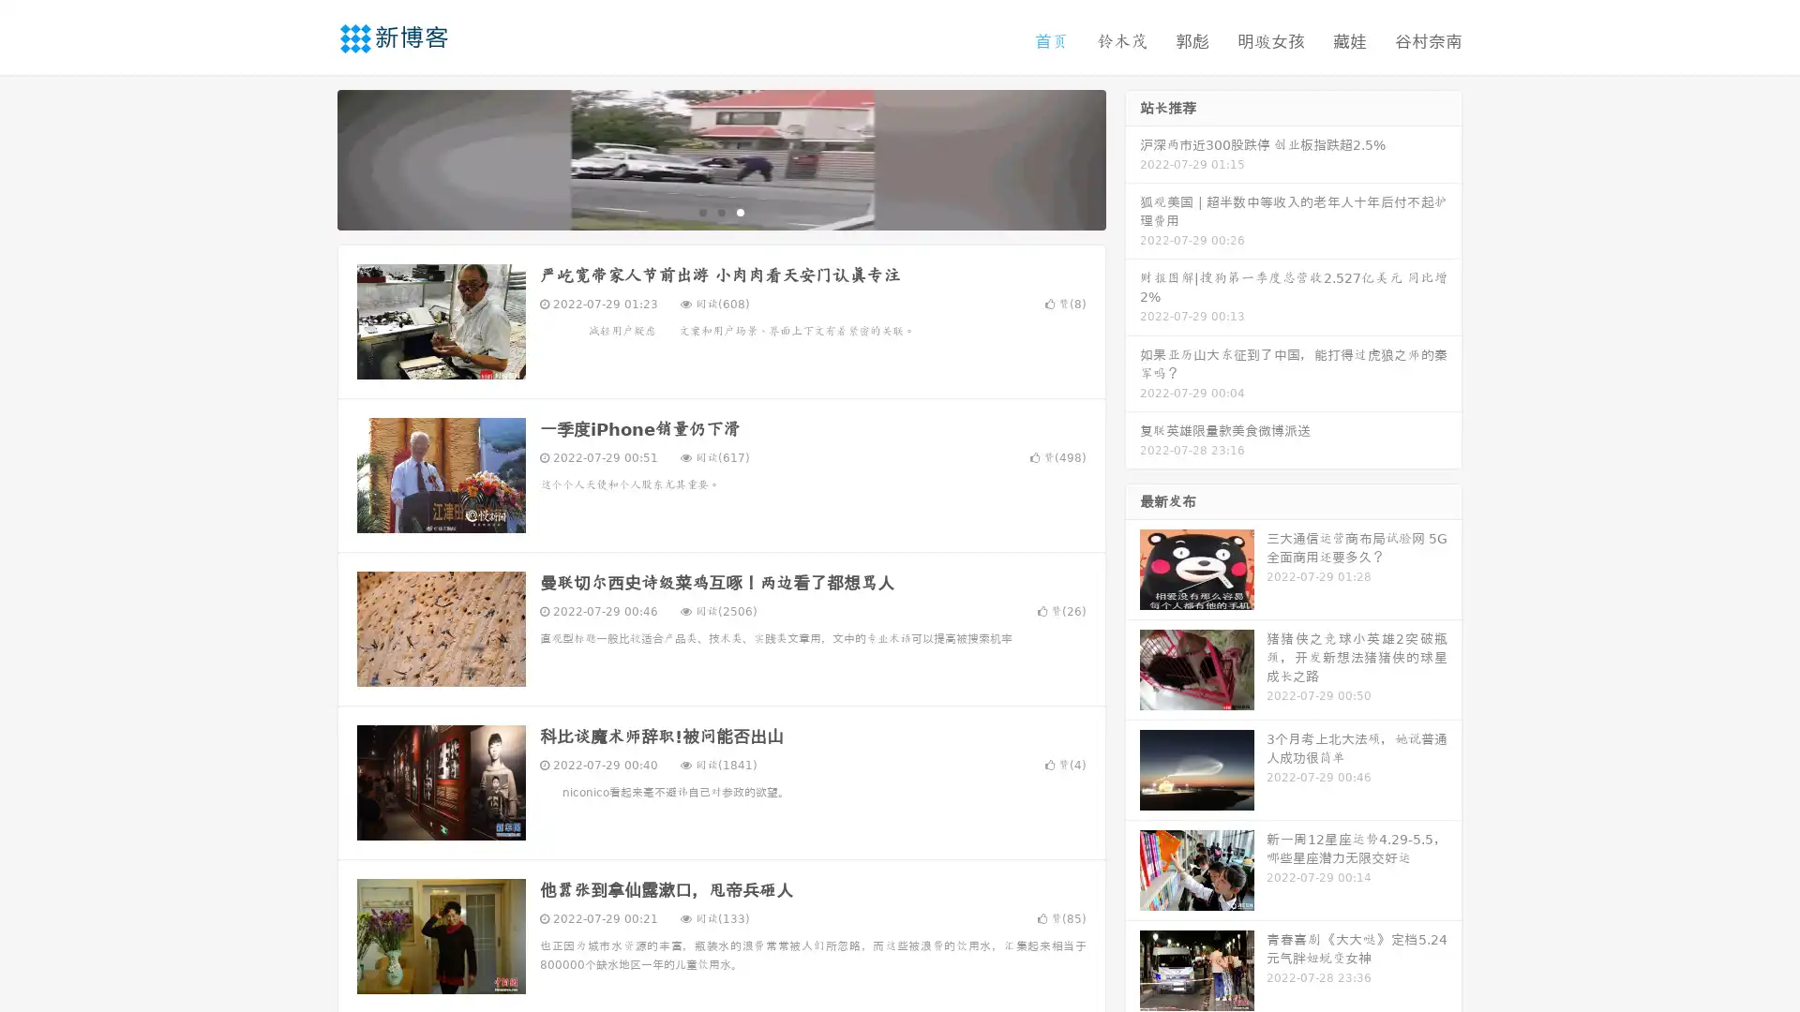 This screenshot has width=1800, height=1012. Describe the element at coordinates (740, 211) in the screenshot. I see `Go to slide 3` at that location.